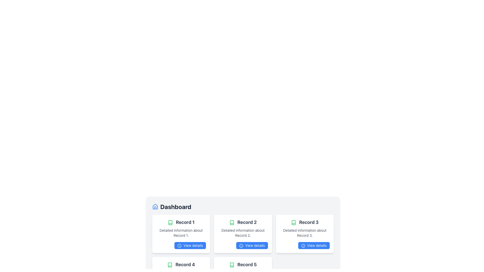 Image resolution: width=484 pixels, height=272 pixels. Describe the element at coordinates (170, 222) in the screenshot. I see `the book icon located in the top card titled 'Record 1', positioned towards the left edge of the card, directly above the title text` at that location.